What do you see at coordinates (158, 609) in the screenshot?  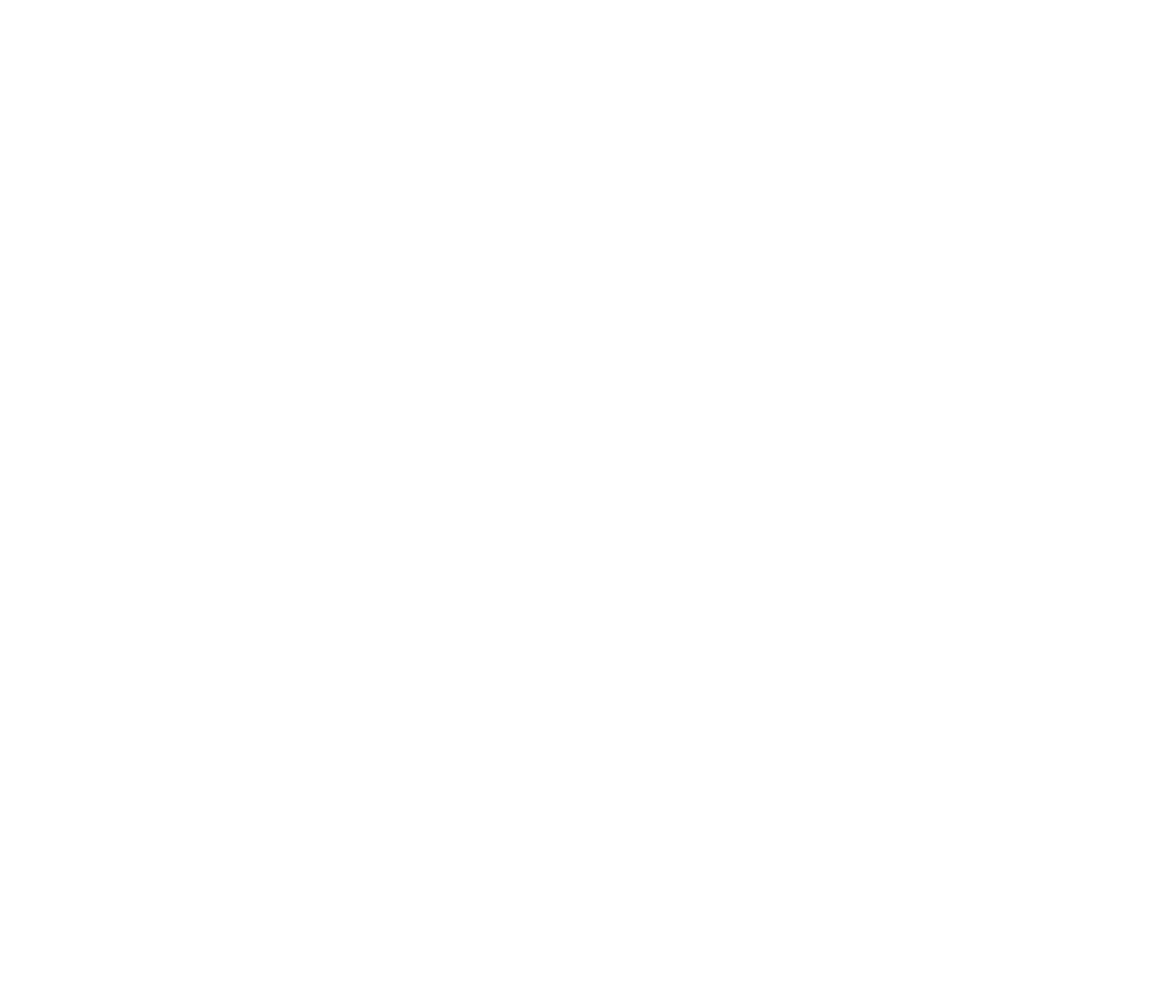 I see `'griffin'` at bounding box center [158, 609].